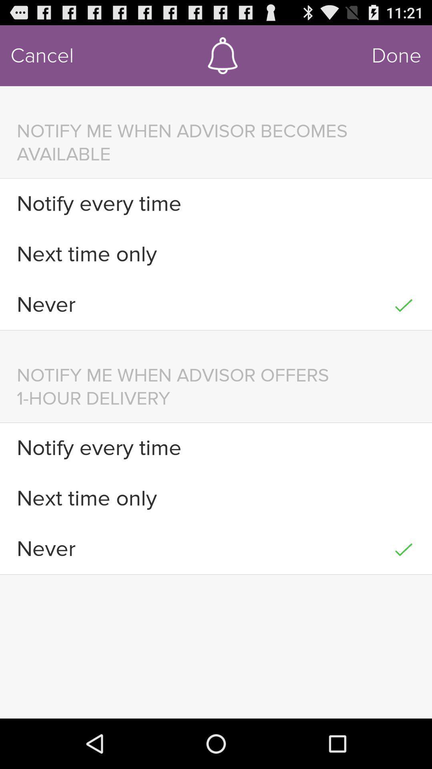 This screenshot has height=769, width=432. I want to click on the icon next to notify every time item, so click(404, 203).